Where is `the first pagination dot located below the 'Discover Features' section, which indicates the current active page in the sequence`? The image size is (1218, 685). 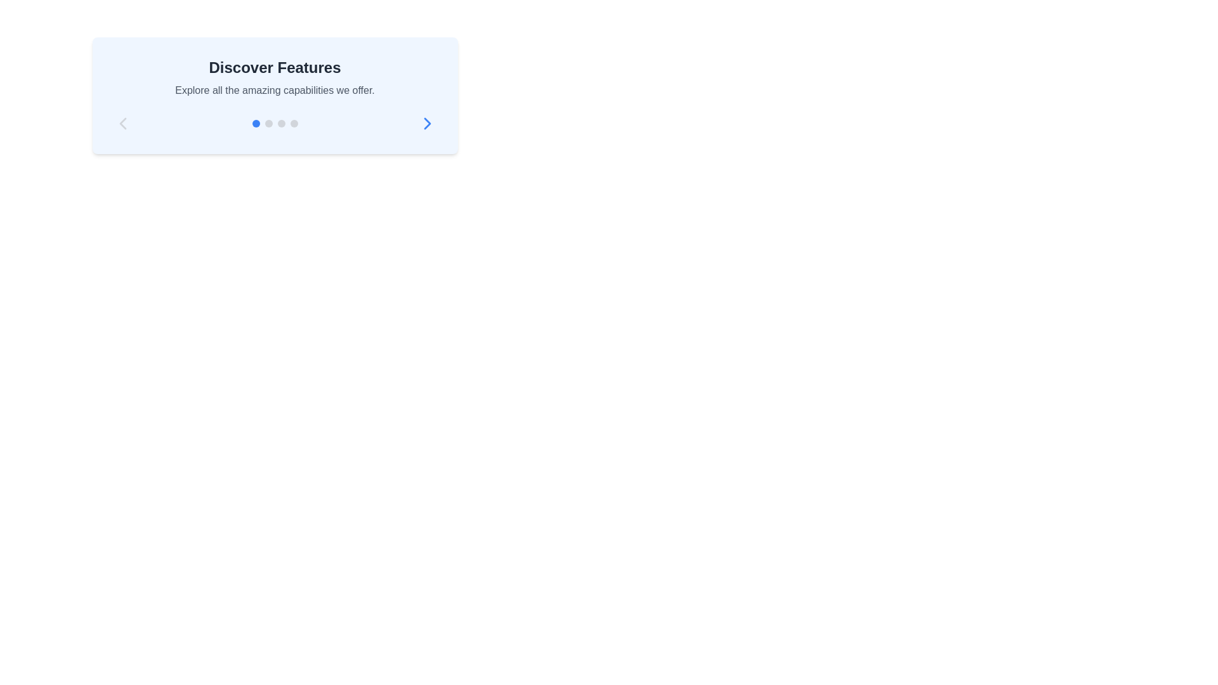
the first pagination dot located below the 'Discover Features' section, which indicates the current active page in the sequence is located at coordinates (255, 124).